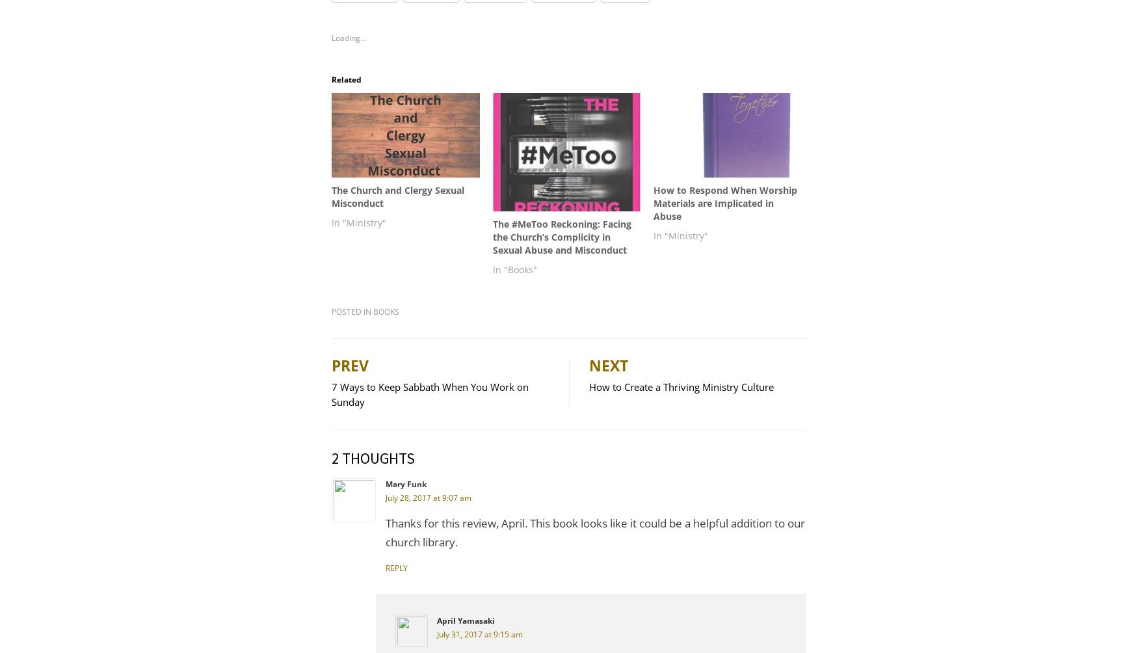  What do you see at coordinates (428, 497) in the screenshot?
I see `'July 28, 2017 at 9:07 am'` at bounding box center [428, 497].